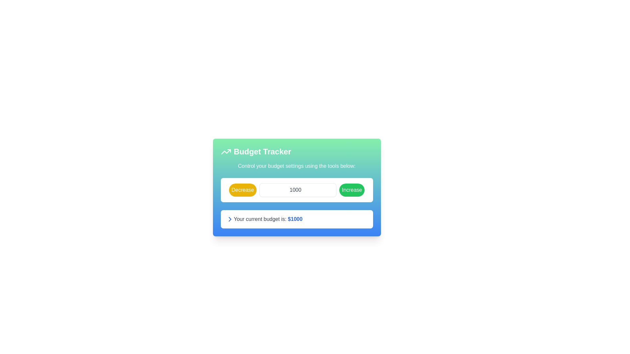 The width and height of the screenshot is (630, 354). I want to click on the label providing textual guidance in the 'Budget Tracker' panel, which is located directly below the heading and above the budget adjustment tools, so click(296, 166).